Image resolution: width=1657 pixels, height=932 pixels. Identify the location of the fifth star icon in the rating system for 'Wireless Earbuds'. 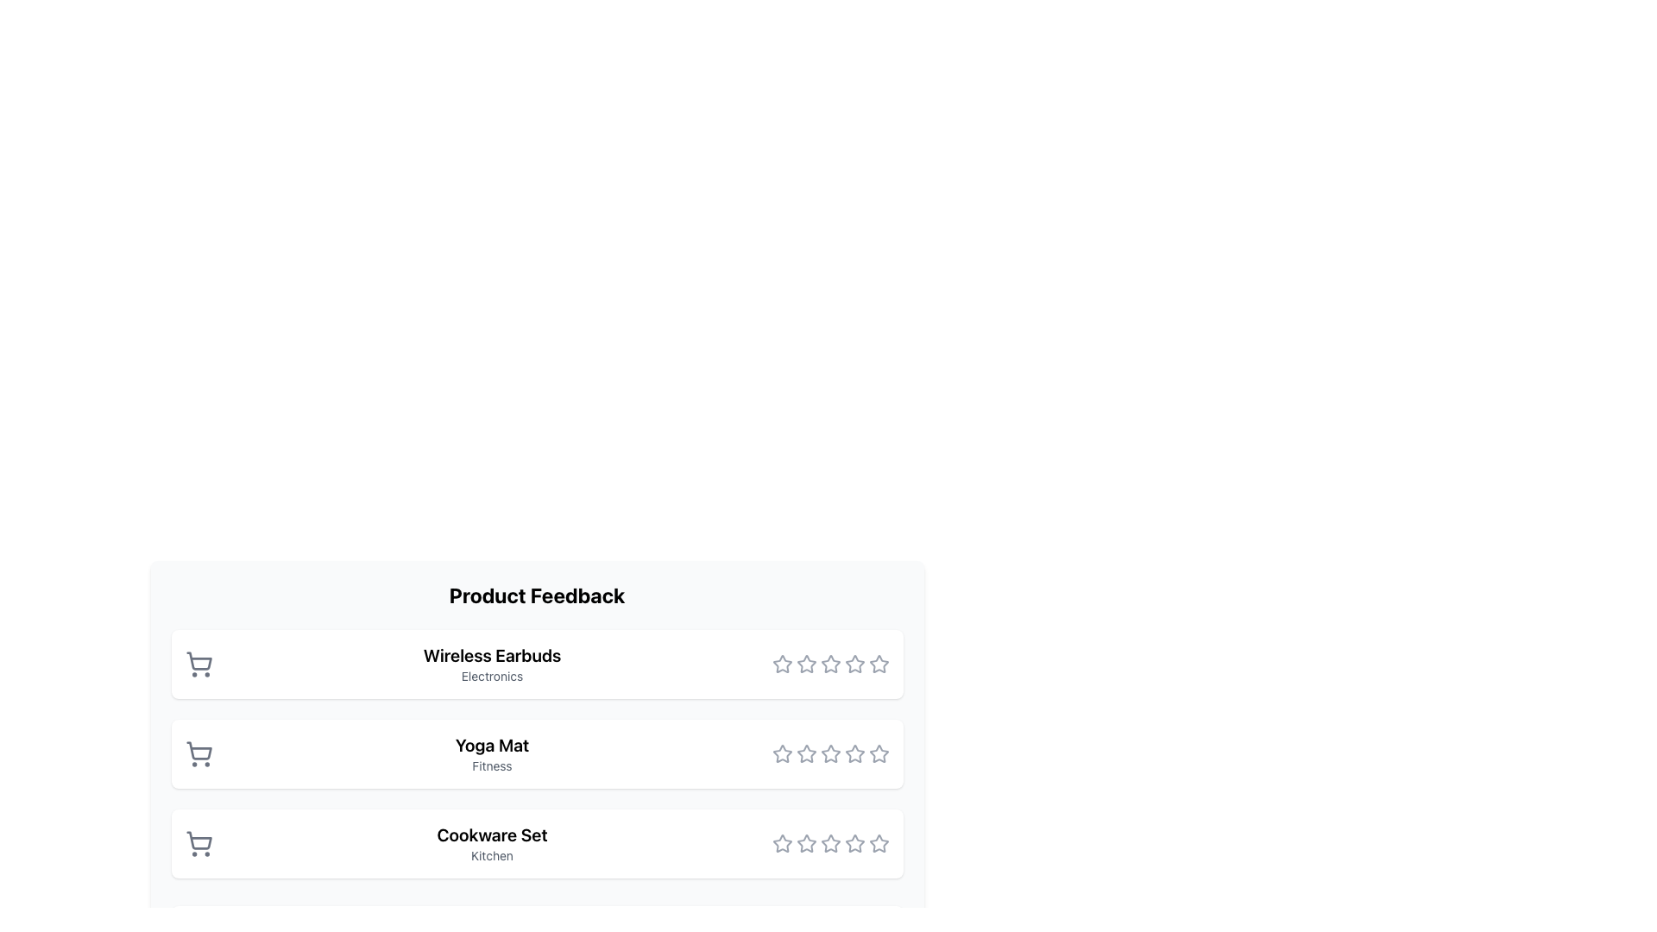
(879, 664).